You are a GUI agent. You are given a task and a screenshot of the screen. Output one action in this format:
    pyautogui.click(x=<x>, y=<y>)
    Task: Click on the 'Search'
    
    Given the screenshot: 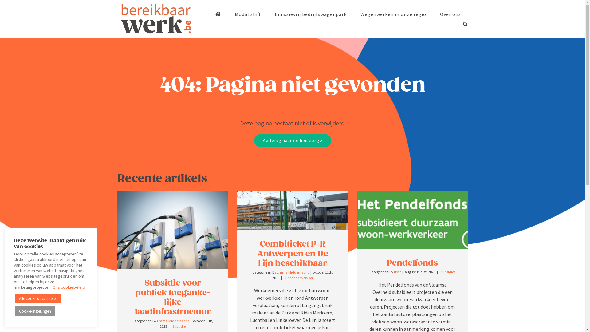 What is the action you would take?
    pyautogui.click(x=463, y=23)
    